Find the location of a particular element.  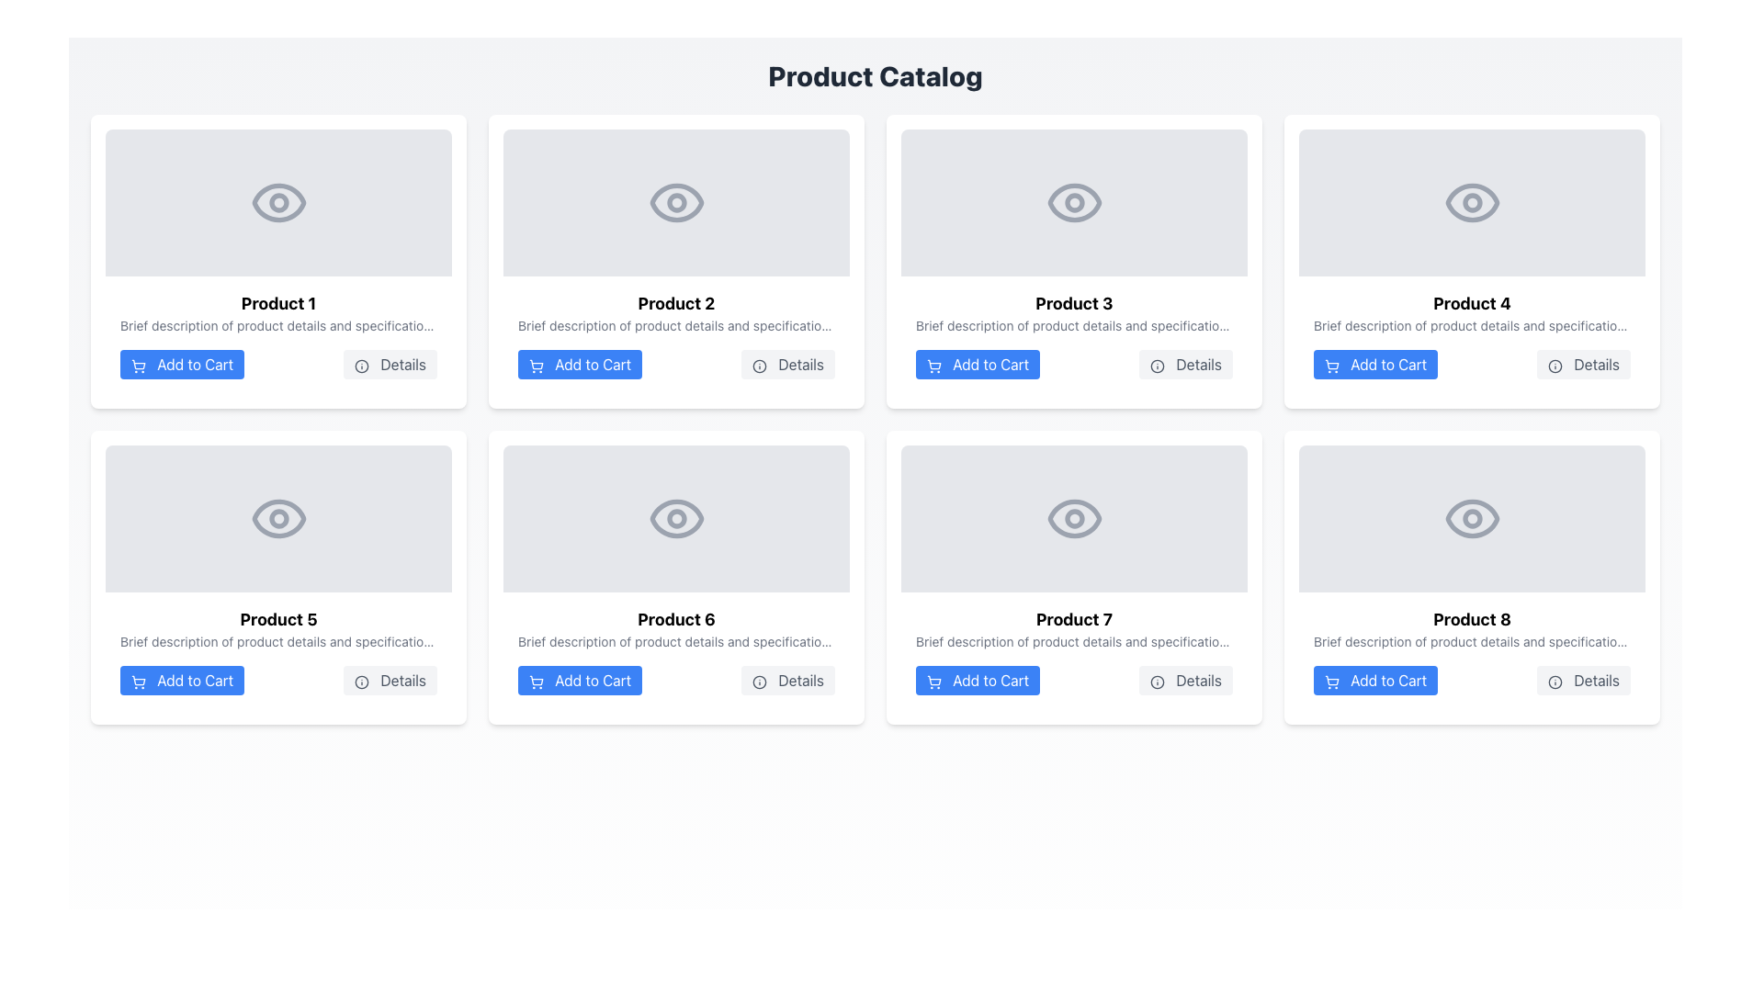

the Text Label that provides a brief summary about the product, located beneath the title 'Product 1' in the highlighted product card is located at coordinates (277, 324).